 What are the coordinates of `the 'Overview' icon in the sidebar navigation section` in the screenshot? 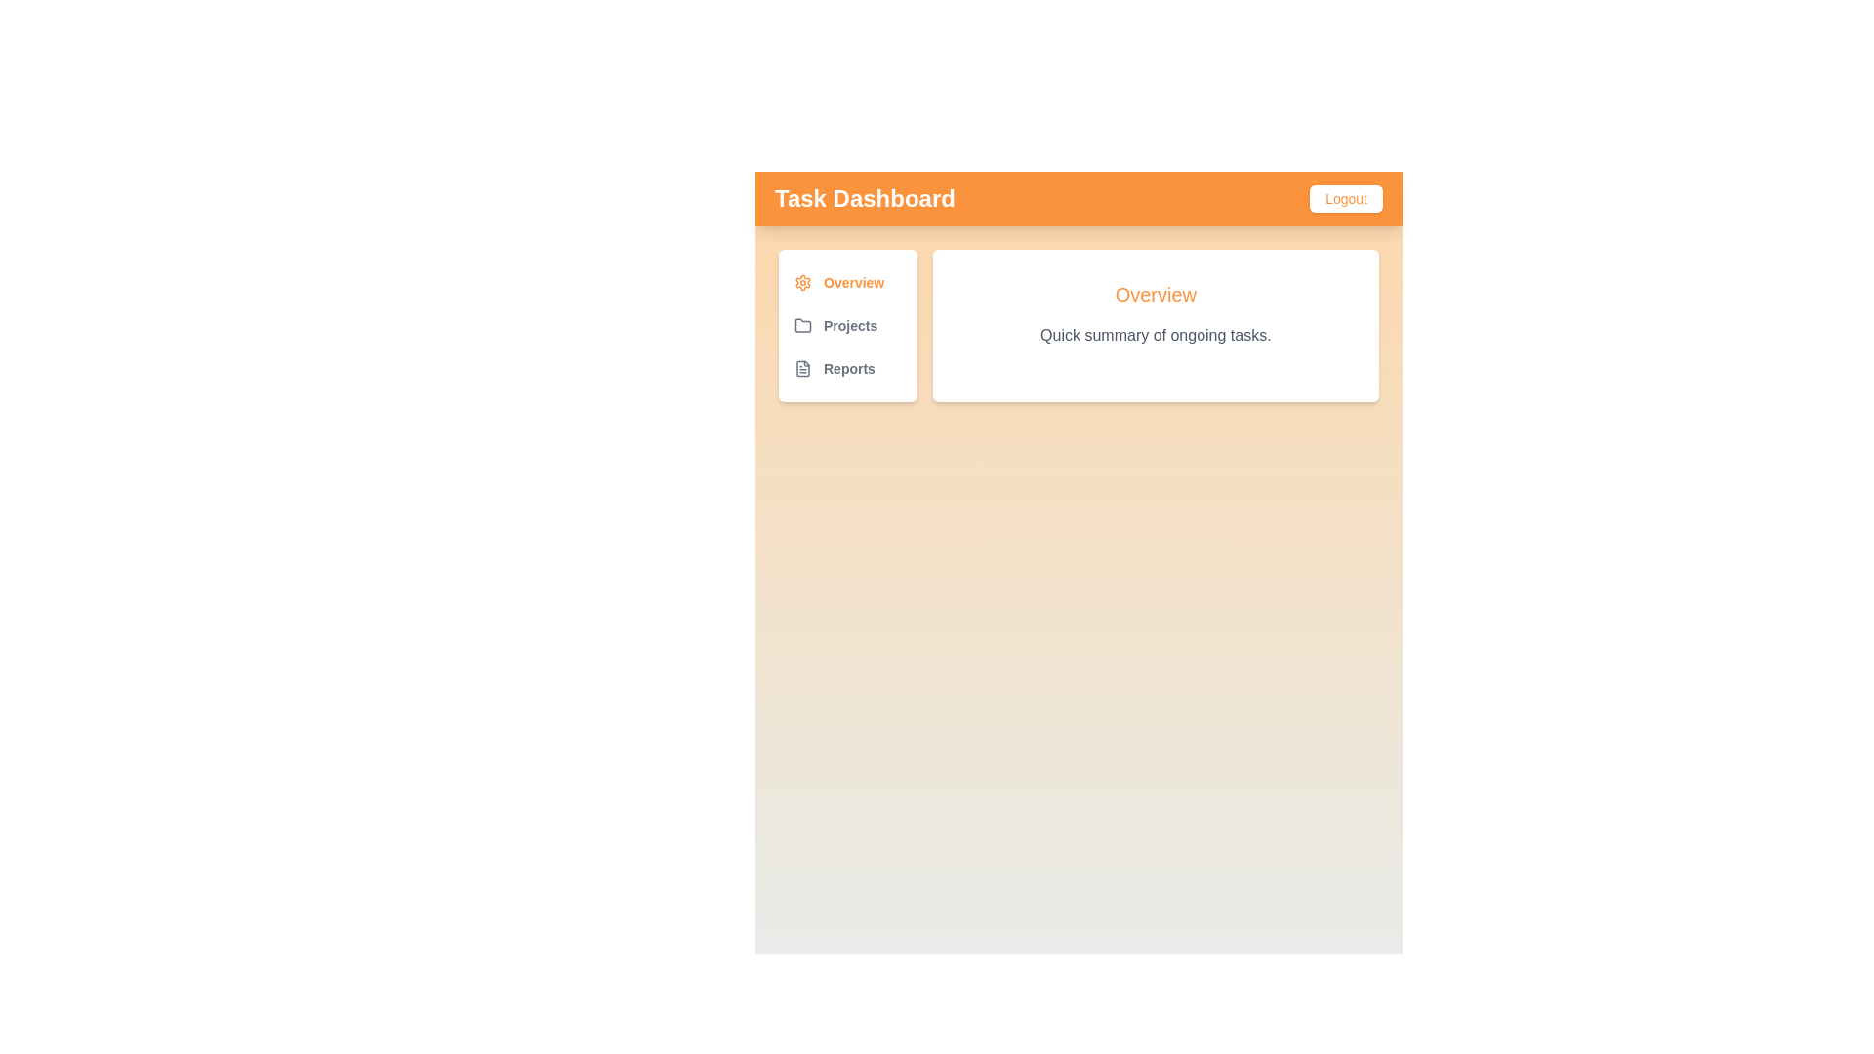 It's located at (802, 282).